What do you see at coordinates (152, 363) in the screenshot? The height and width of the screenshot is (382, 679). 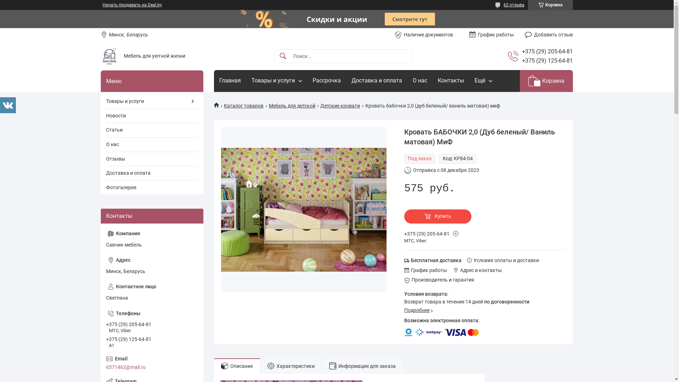 I see `'6571462@mail.ru'` at bounding box center [152, 363].